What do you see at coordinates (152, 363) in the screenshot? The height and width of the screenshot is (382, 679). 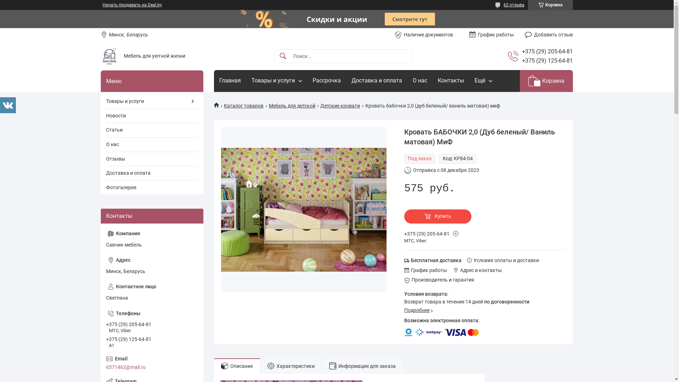 I see `'6571462@mail.ru'` at bounding box center [152, 363].